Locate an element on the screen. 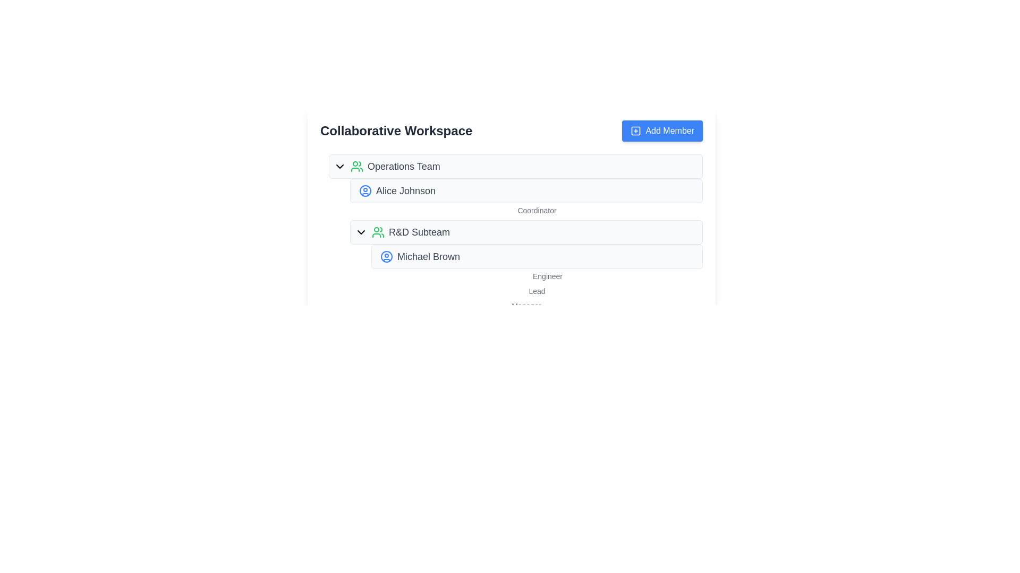 This screenshot has height=573, width=1020. the static text label displaying the name 'Michael Brown', which is medium-sized and gray, located next to a blue user icon in the 'R&D Subteam' section is located at coordinates (428, 256).